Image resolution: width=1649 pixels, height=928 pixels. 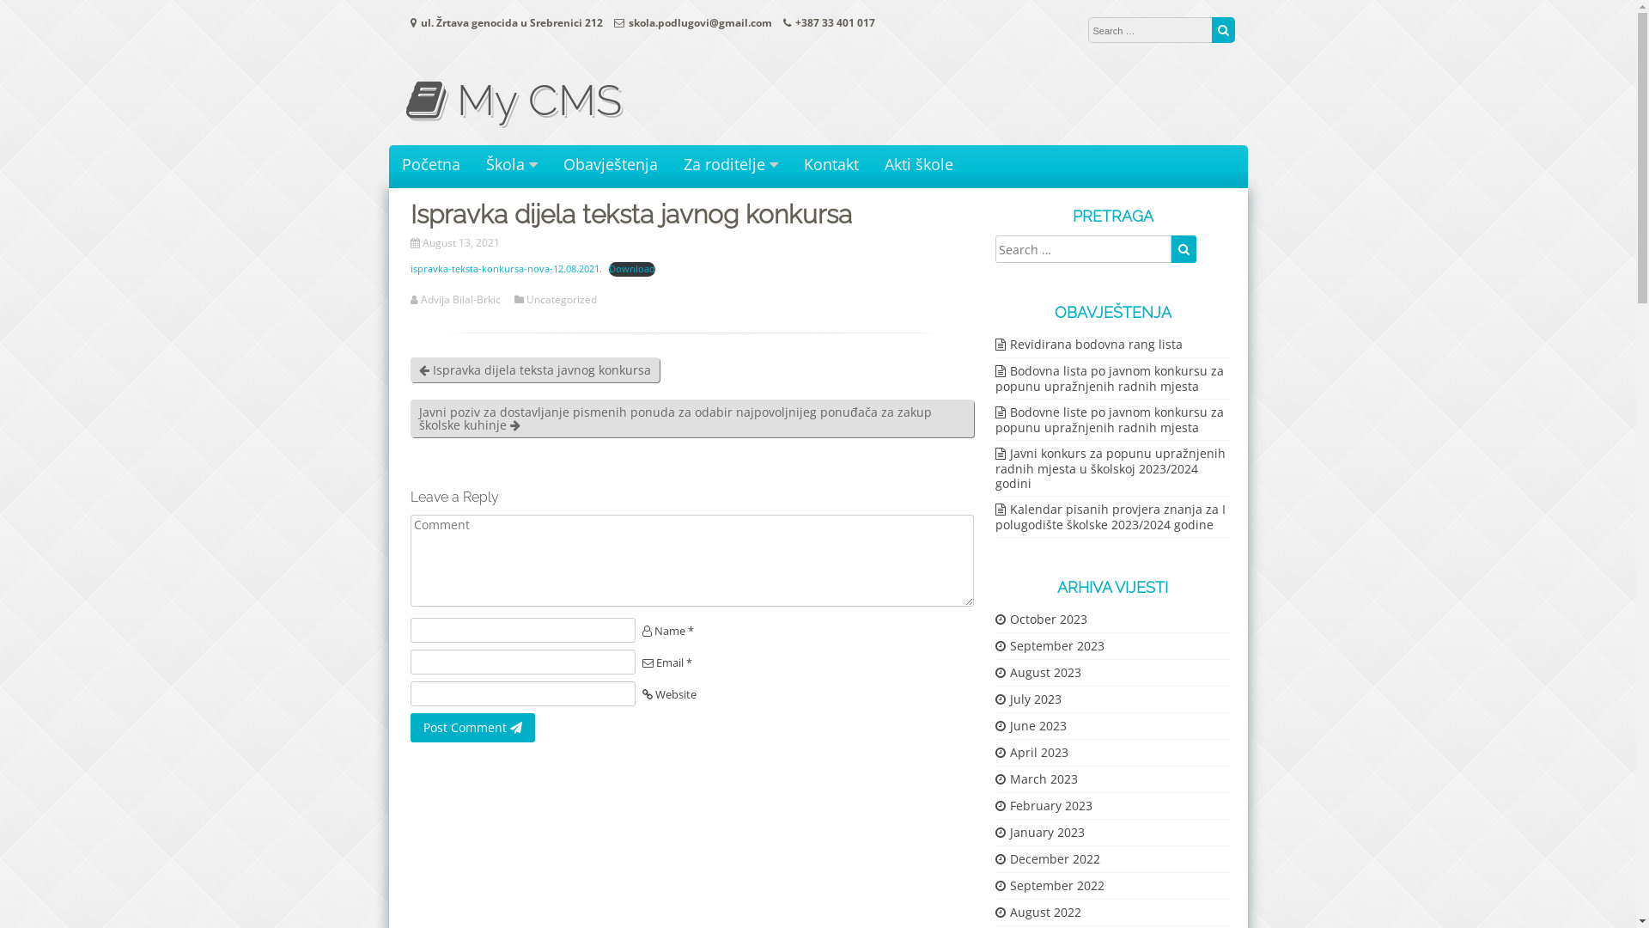 I want to click on 'September 2023', so click(x=1048, y=645).